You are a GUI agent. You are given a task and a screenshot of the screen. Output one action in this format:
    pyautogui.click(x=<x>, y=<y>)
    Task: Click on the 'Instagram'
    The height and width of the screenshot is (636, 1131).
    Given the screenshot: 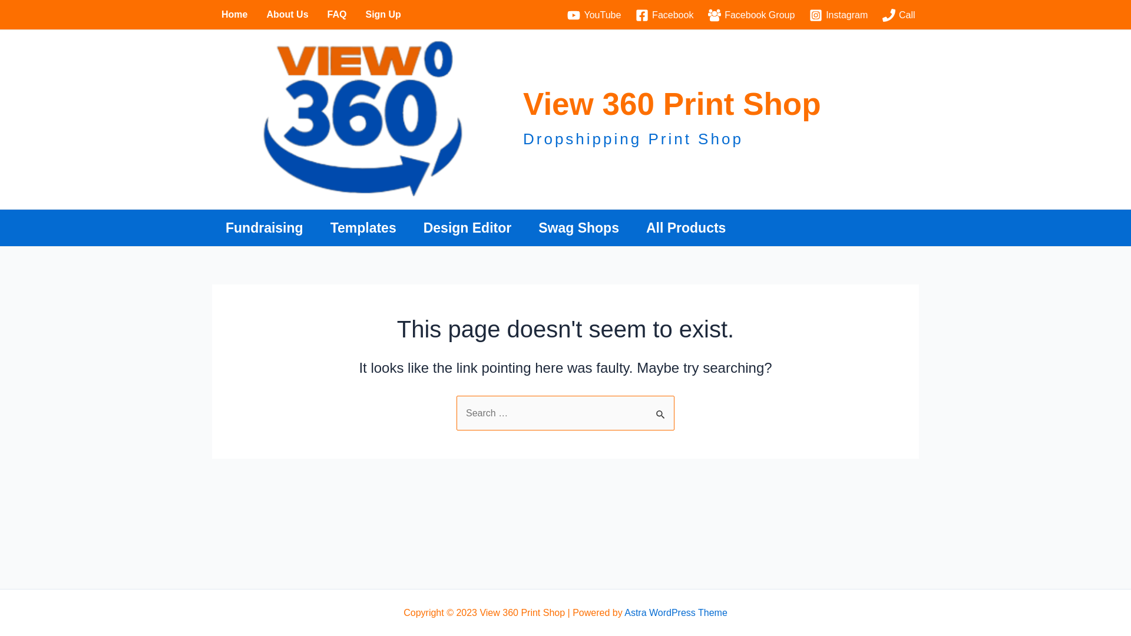 What is the action you would take?
    pyautogui.click(x=838, y=15)
    